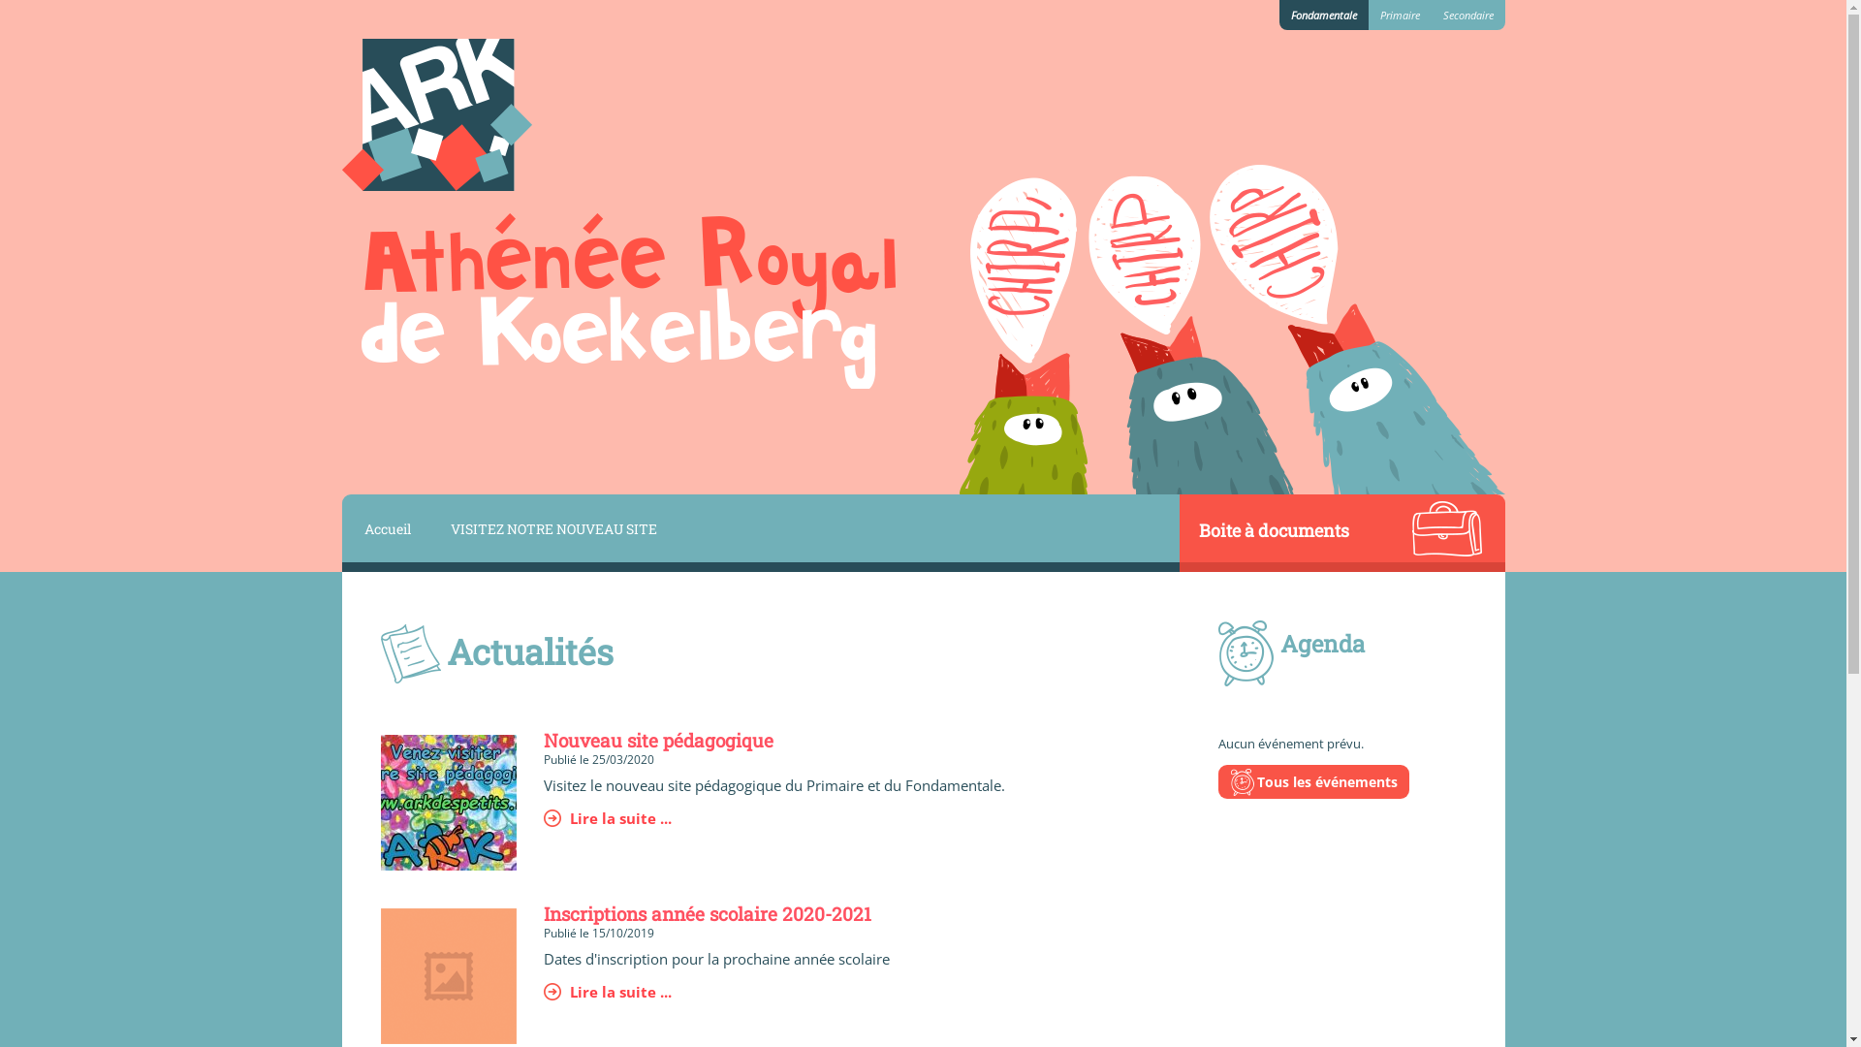 The image size is (1861, 1047). Describe the element at coordinates (384, 527) in the screenshot. I see `'Accueil'` at that location.